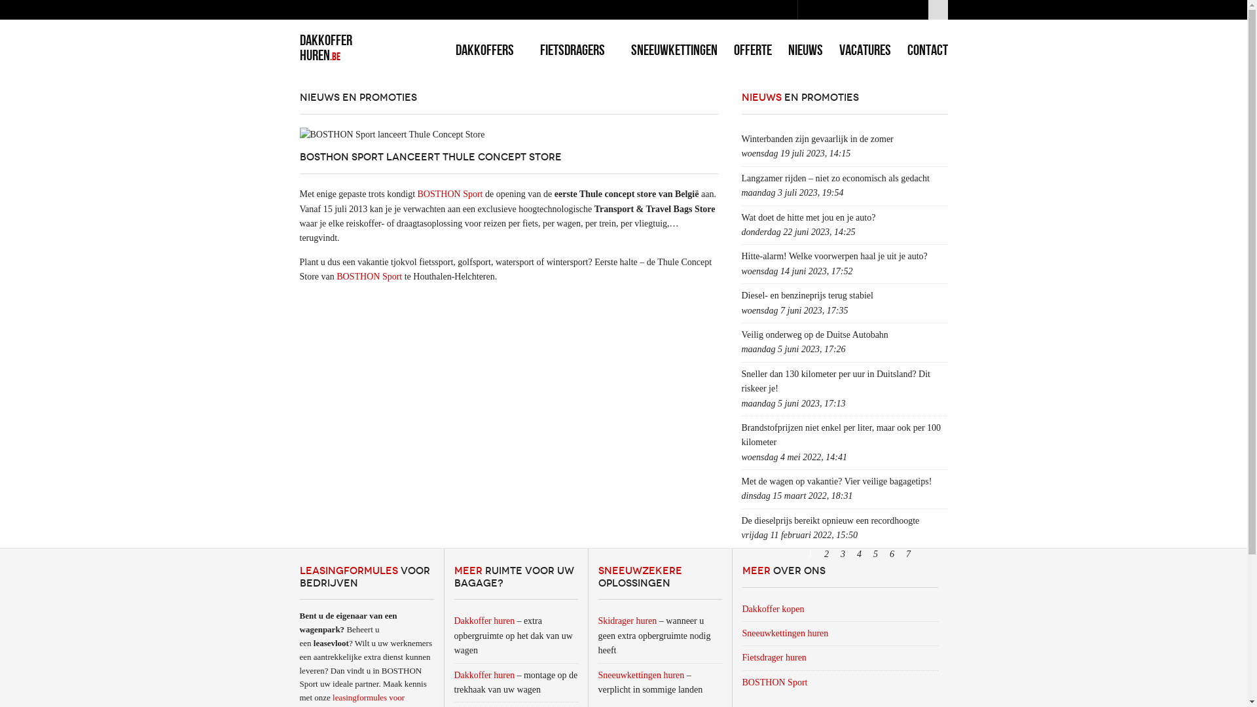 Image resolution: width=1257 pixels, height=707 pixels. Describe the element at coordinates (941, 554) in the screenshot. I see `'Ga naar laatste pagina'` at that location.